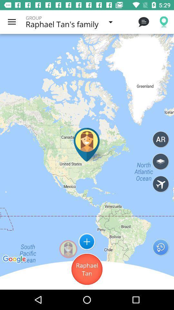 This screenshot has width=174, height=310. What do you see at coordinates (160, 184) in the screenshot?
I see `search flights` at bounding box center [160, 184].